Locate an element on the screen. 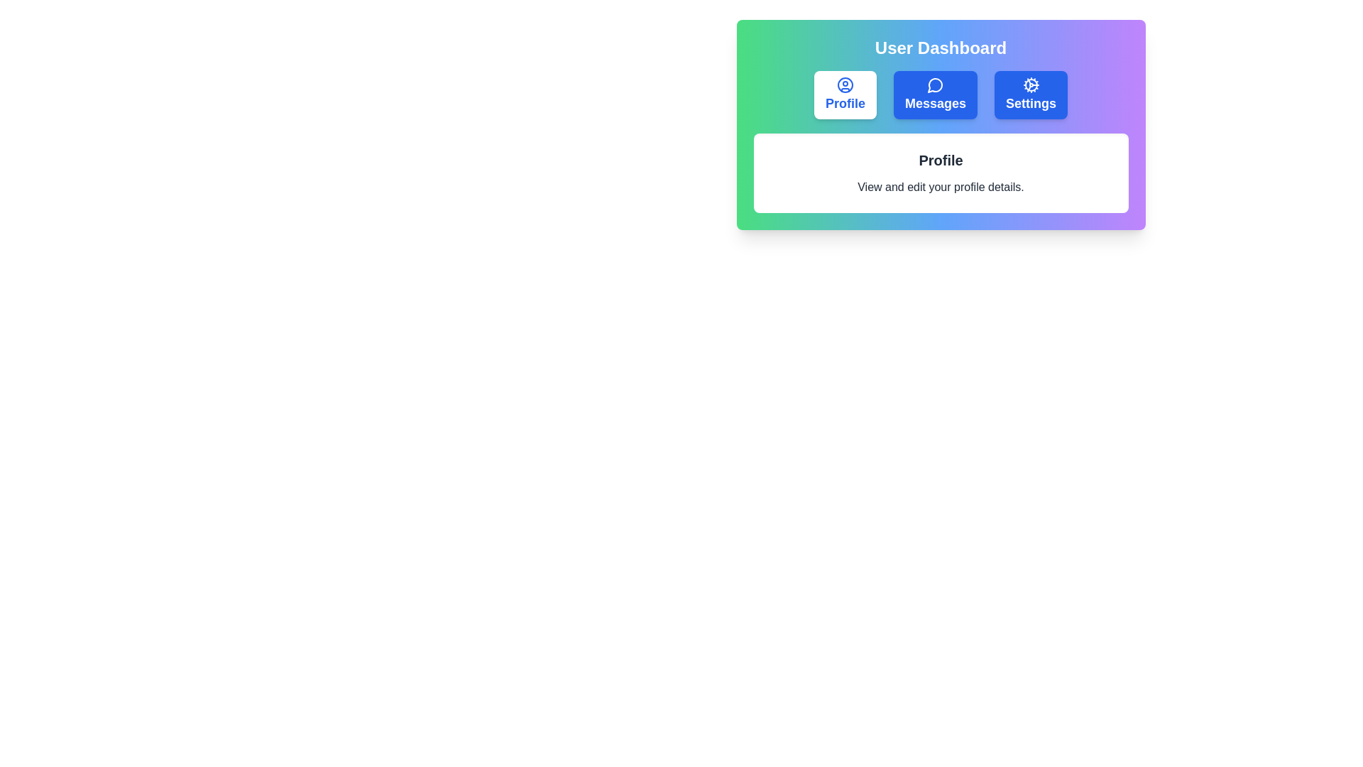 The width and height of the screenshot is (1363, 767). the decorative SVG circle representing the user profile icon, which is part of the 'Profile' button at the top of the dashboard interface is located at coordinates (845, 85).